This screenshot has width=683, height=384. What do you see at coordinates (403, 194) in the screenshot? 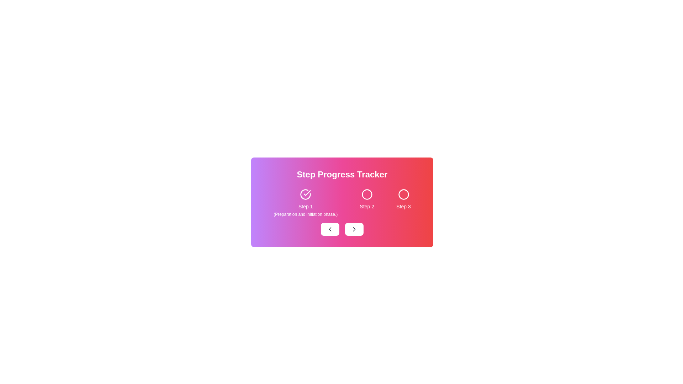
I see `the third circle in the step progress tracker, labeled 'Step 3'` at bounding box center [403, 194].